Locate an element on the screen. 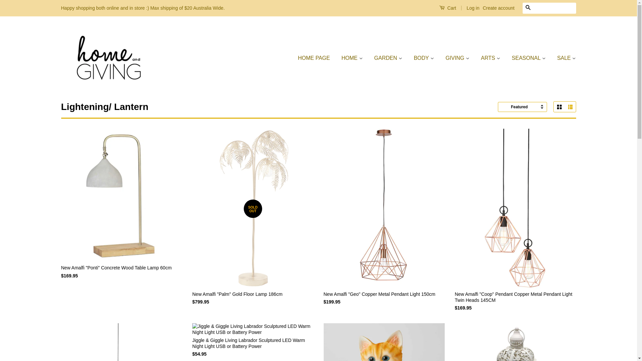 Image resolution: width=642 pixels, height=361 pixels. 'ARTS' is located at coordinates (475, 58).